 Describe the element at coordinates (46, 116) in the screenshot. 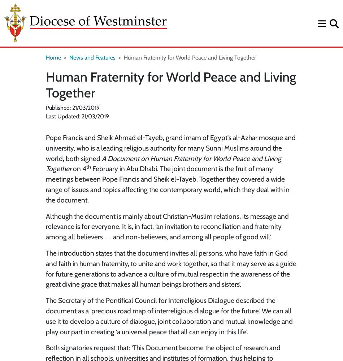

I see `'Last Updated:'` at that location.